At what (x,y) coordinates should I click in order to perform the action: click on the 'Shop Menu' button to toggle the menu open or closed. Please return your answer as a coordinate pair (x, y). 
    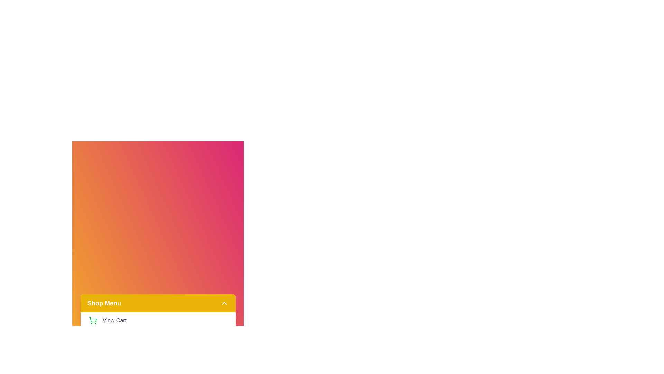
    Looking at the image, I should click on (157, 303).